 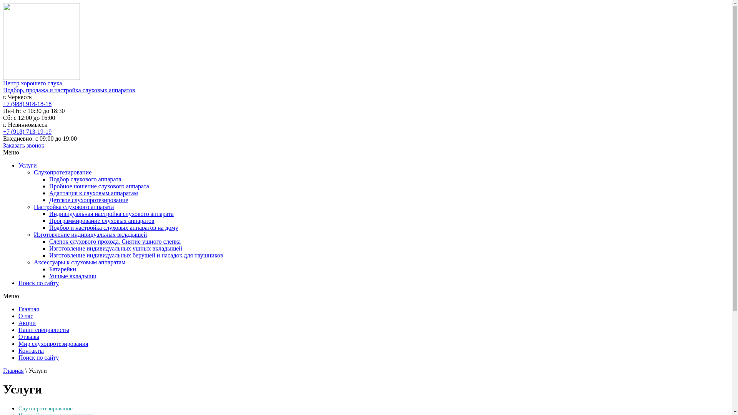 I want to click on '+7 (918) 713-19-19', so click(x=27, y=131).